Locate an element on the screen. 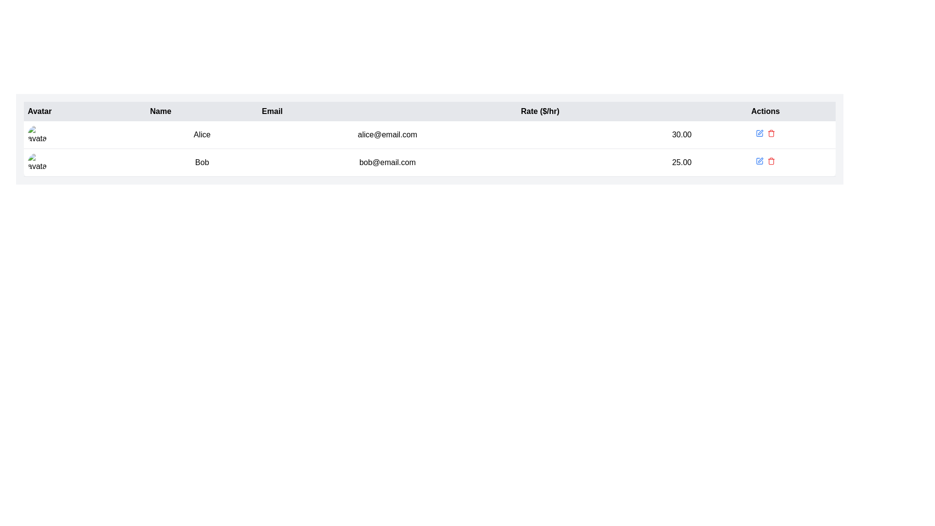 This screenshot has height=526, width=935. the text label displaying the email address in the second row of the table, specifically in the 'Email' column, which is the third column from the left is located at coordinates (387, 162).